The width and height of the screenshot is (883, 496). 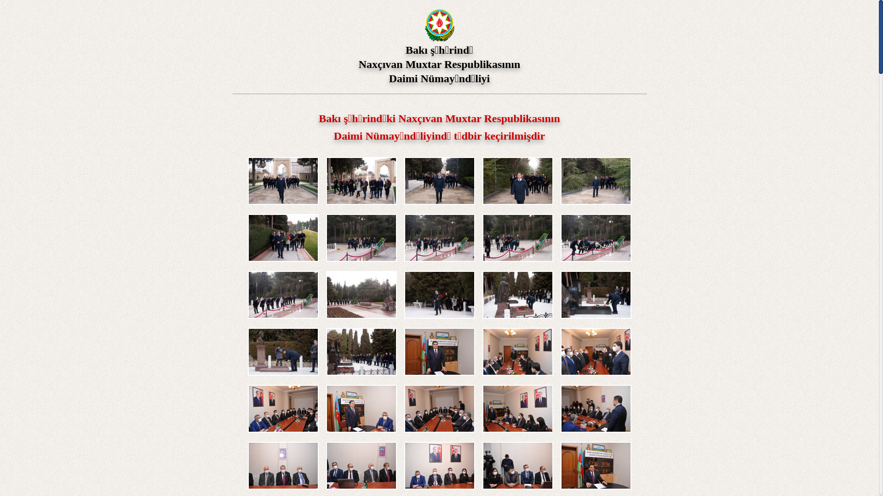 What do you see at coordinates (282, 351) in the screenshot?
I see `'Click to enlarge'` at bounding box center [282, 351].